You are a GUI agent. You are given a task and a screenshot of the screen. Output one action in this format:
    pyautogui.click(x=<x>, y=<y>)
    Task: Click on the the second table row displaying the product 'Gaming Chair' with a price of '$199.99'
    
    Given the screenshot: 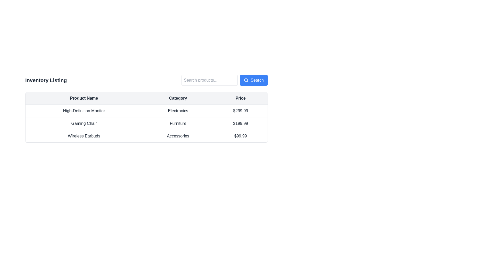 What is the action you would take?
    pyautogui.click(x=146, y=123)
    